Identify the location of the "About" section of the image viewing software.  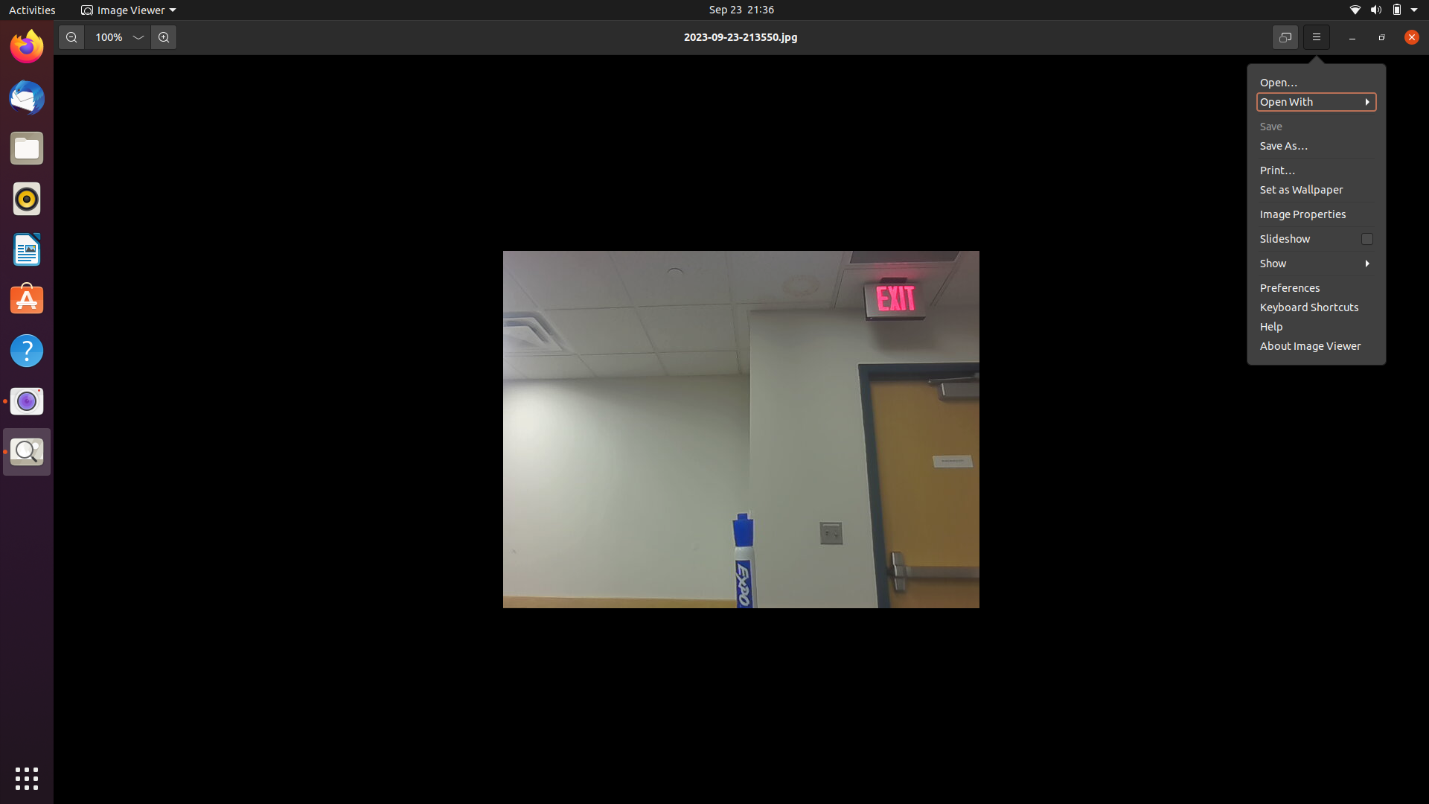
(1311, 286).